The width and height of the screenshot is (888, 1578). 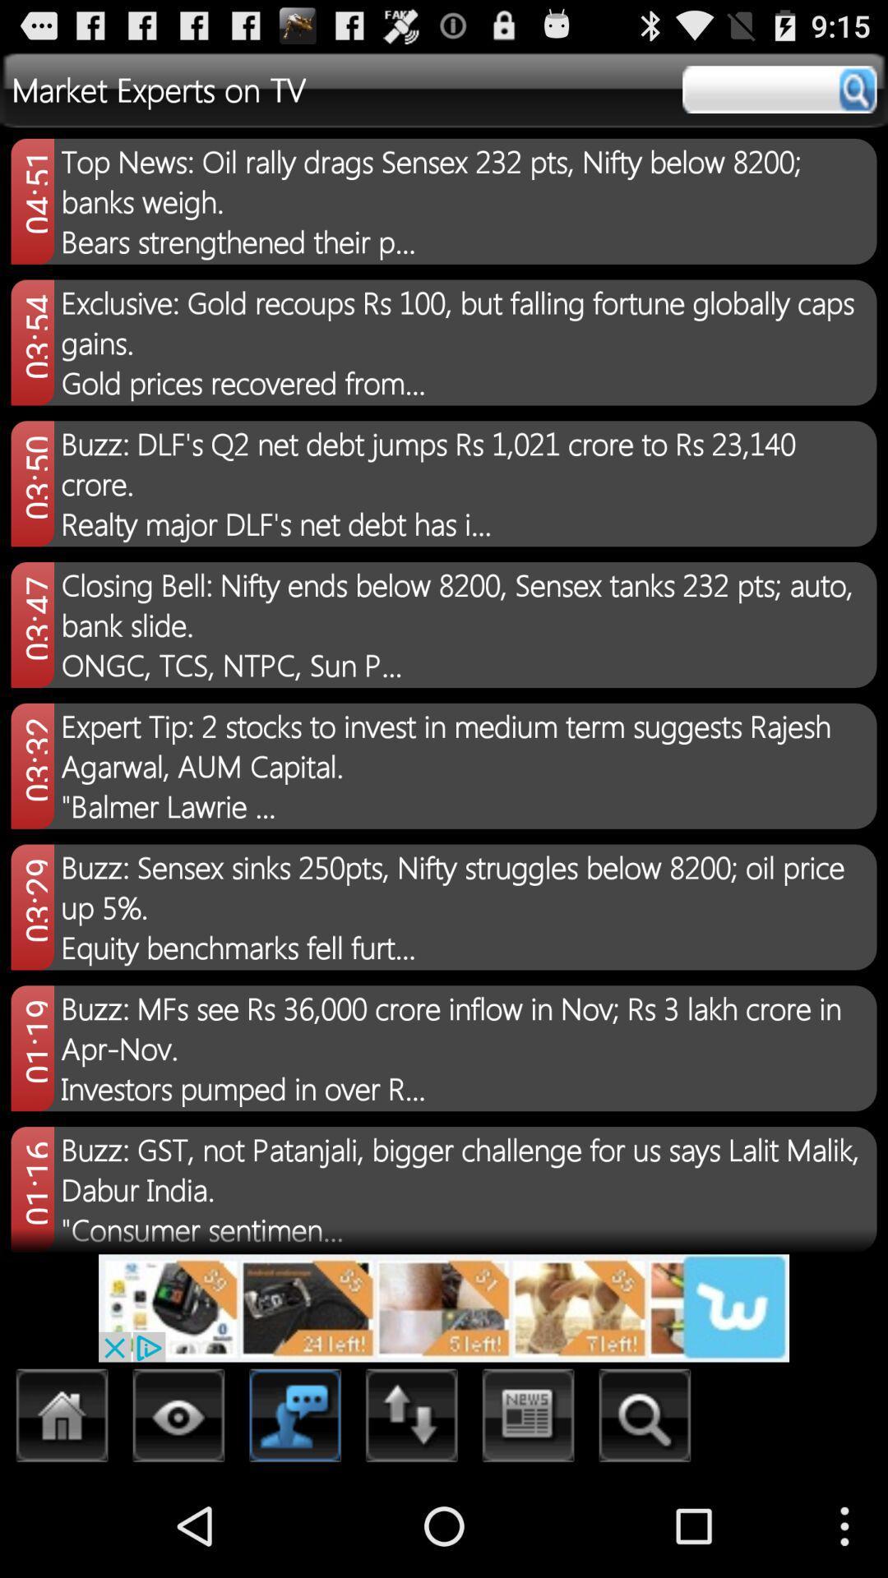 What do you see at coordinates (779, 89) in the screenshot?
I see `search box` at bounding box center [779, 89].